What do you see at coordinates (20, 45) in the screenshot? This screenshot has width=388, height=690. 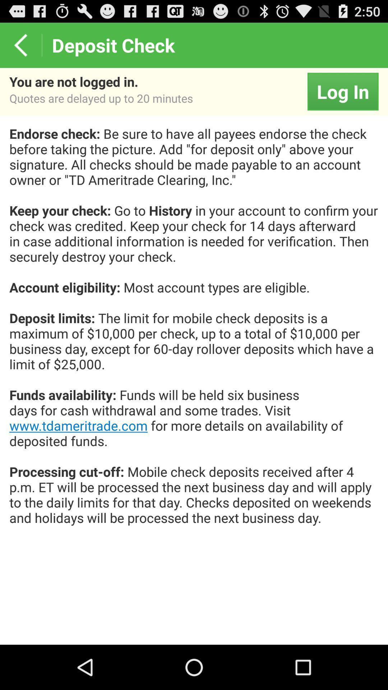 I see `the icon next to the deposit check` at bounding box center [20, 45].